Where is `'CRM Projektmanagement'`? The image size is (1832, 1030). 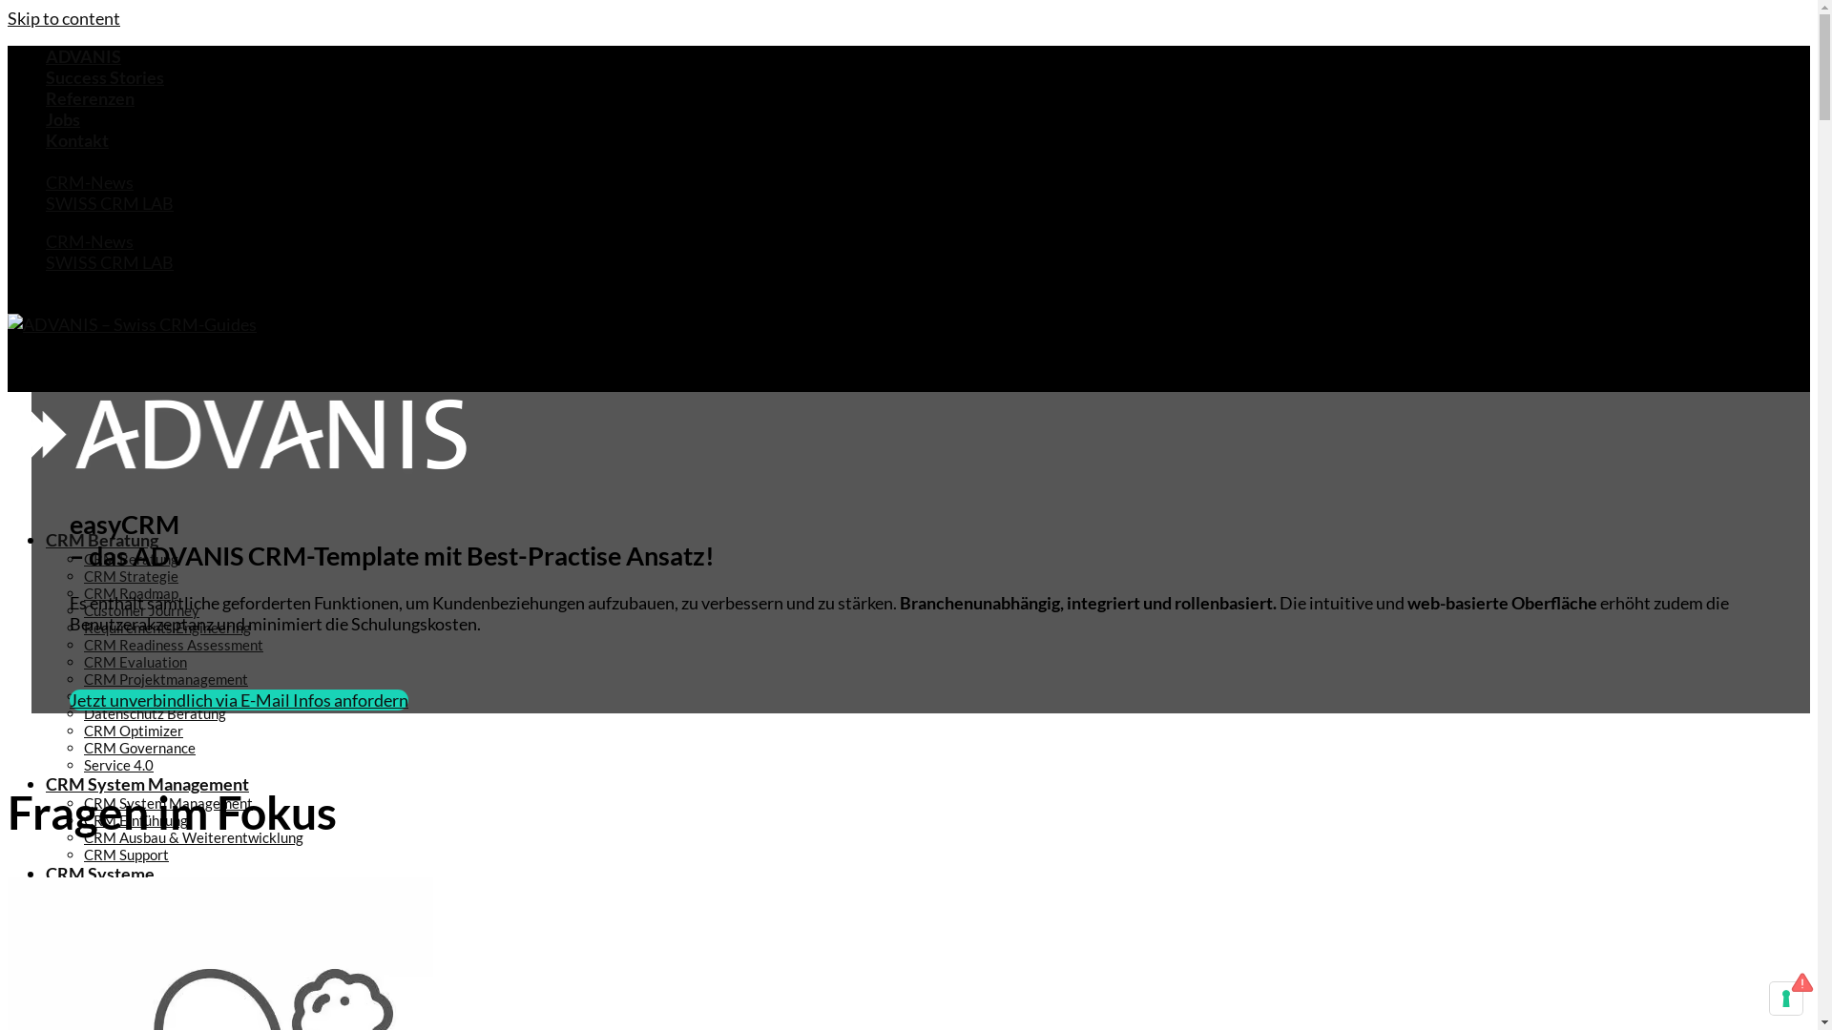
'CRM Projektmanagement' is located at coordinates (165, 678).